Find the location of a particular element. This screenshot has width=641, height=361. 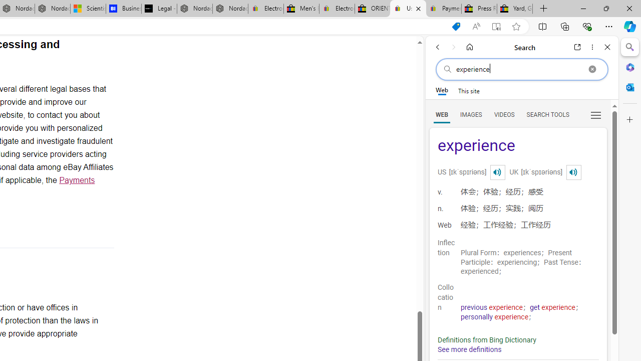

'personally experience' is located at coordinates (495, 317).